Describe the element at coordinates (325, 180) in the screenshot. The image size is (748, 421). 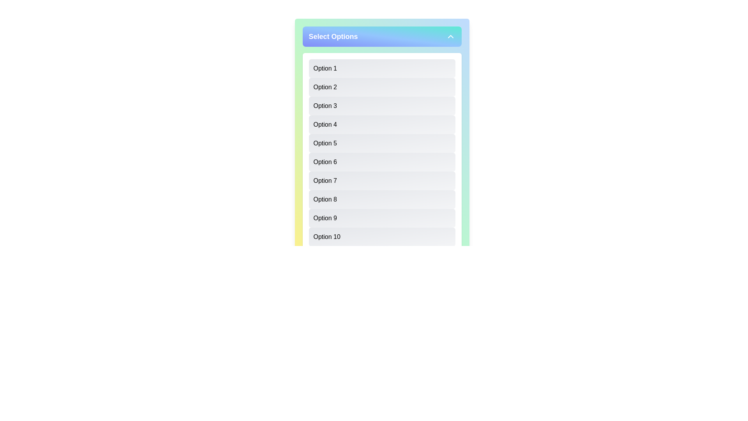
I see `the seventh item in the dropdown list` at that location.